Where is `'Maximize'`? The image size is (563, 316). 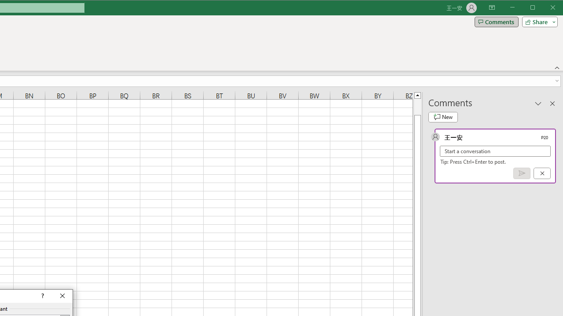
'Maximize' is located at coordinates (545, 8).